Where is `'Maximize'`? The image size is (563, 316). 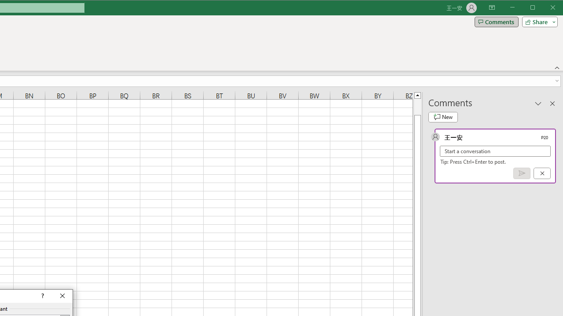
'Maximize' is located at coordinates (545, 8).